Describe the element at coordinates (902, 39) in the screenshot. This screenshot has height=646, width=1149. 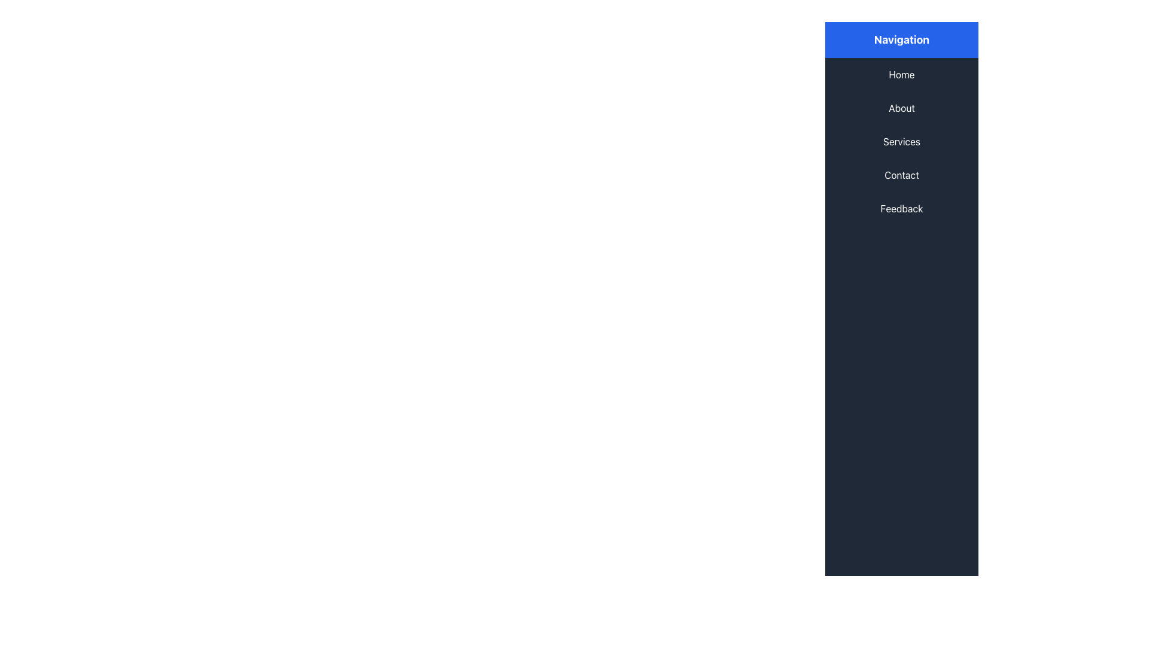
I see `the Static text header located at the top of the vertical sidebar, which serves as a title for the navigation section` at that location.